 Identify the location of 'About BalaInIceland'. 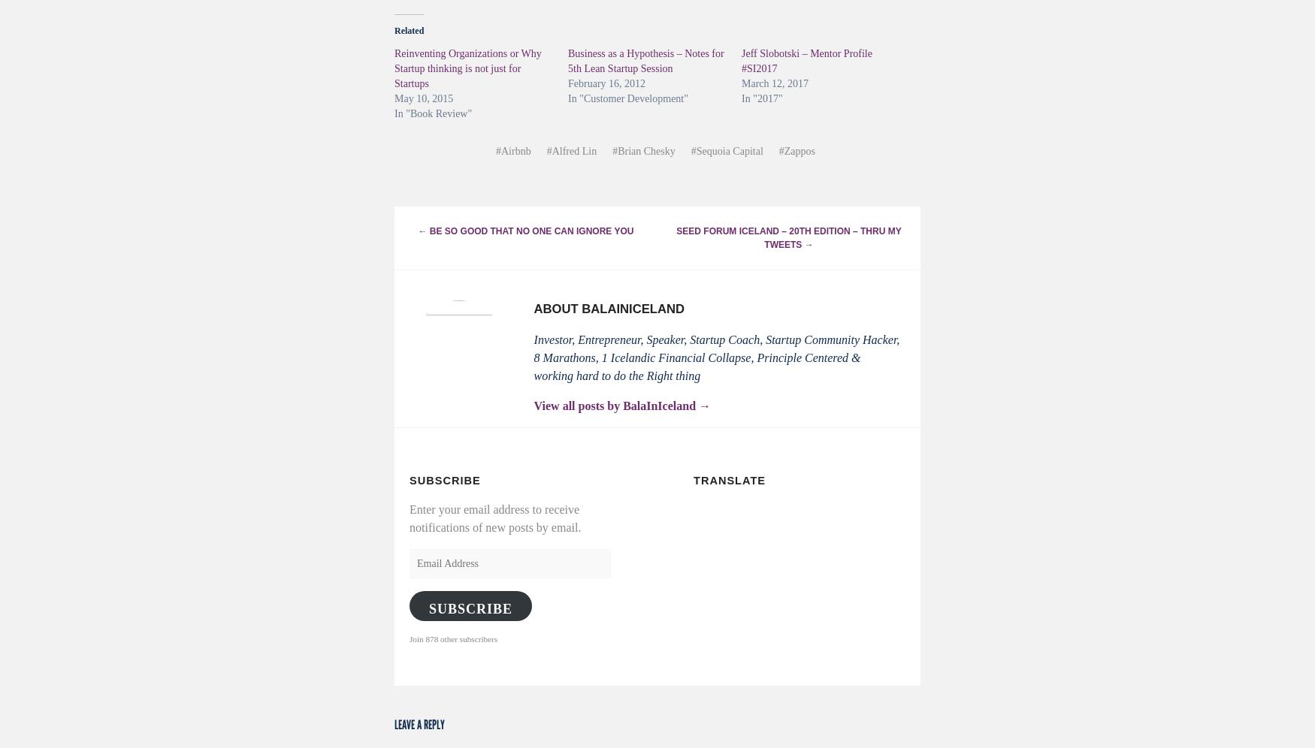
(608, 307).